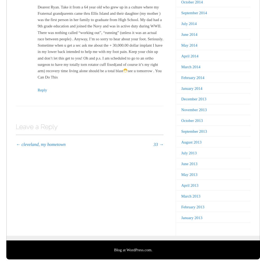 This screenshot has height=266, width=260. What do you see at coordinates (189, 55) in the screenshot?
I see `'April 2014'` at bounding box center [189, 55].